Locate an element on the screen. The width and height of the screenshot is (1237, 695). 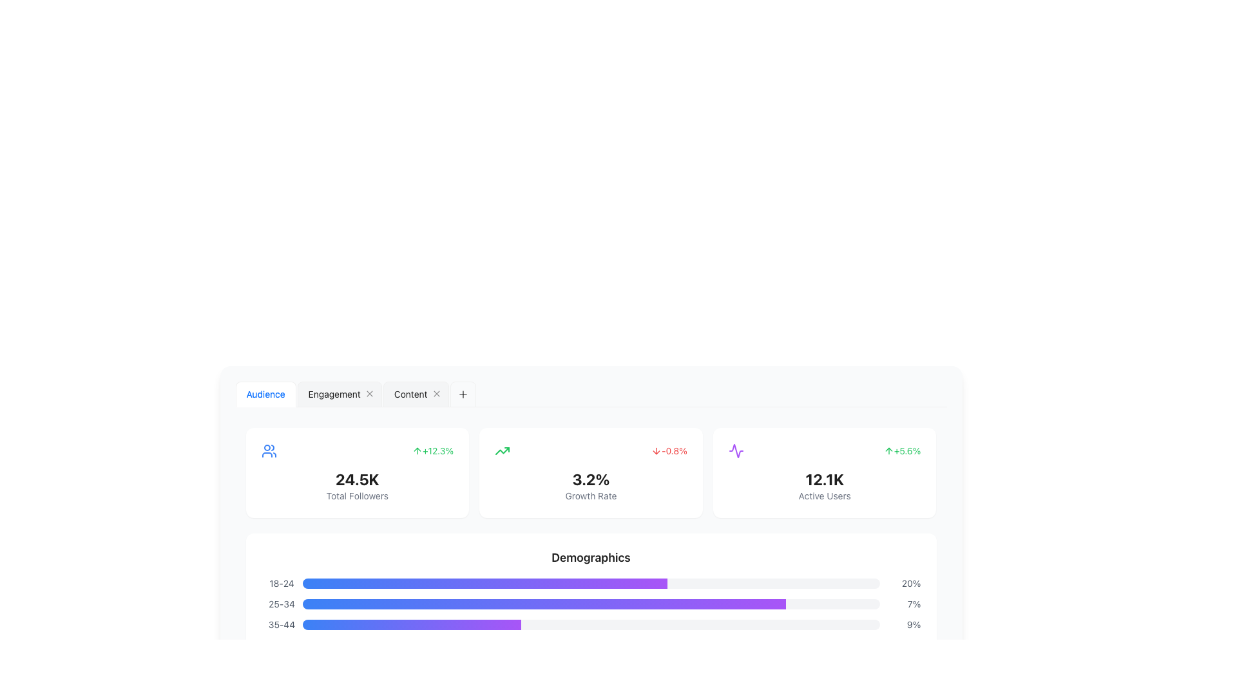
the label displaying the total number of followers, which is centrally located within the widget below the '+12.3%' label is located at coordinates (357, 479).